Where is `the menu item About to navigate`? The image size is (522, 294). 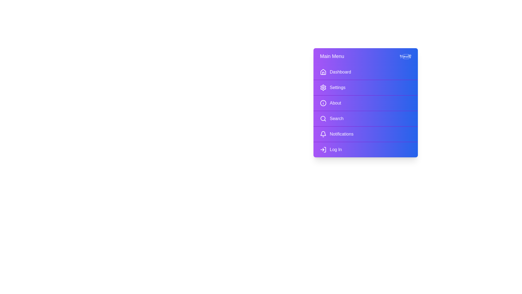
the menu item About to navigate is located at coordinates (365, 103).